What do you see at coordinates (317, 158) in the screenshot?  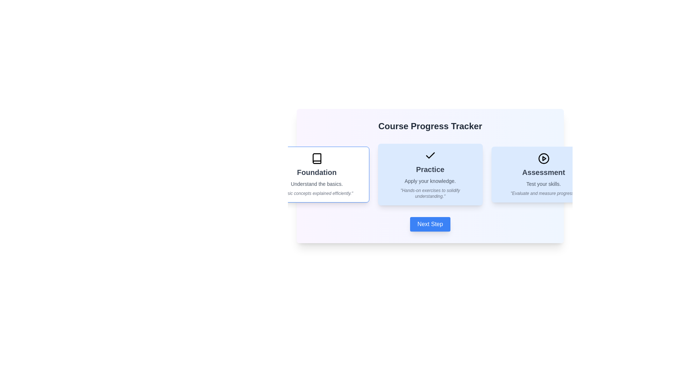 I see `the icon located in the top-left of the 'Foundation' card` at bounding box center [317, 158].